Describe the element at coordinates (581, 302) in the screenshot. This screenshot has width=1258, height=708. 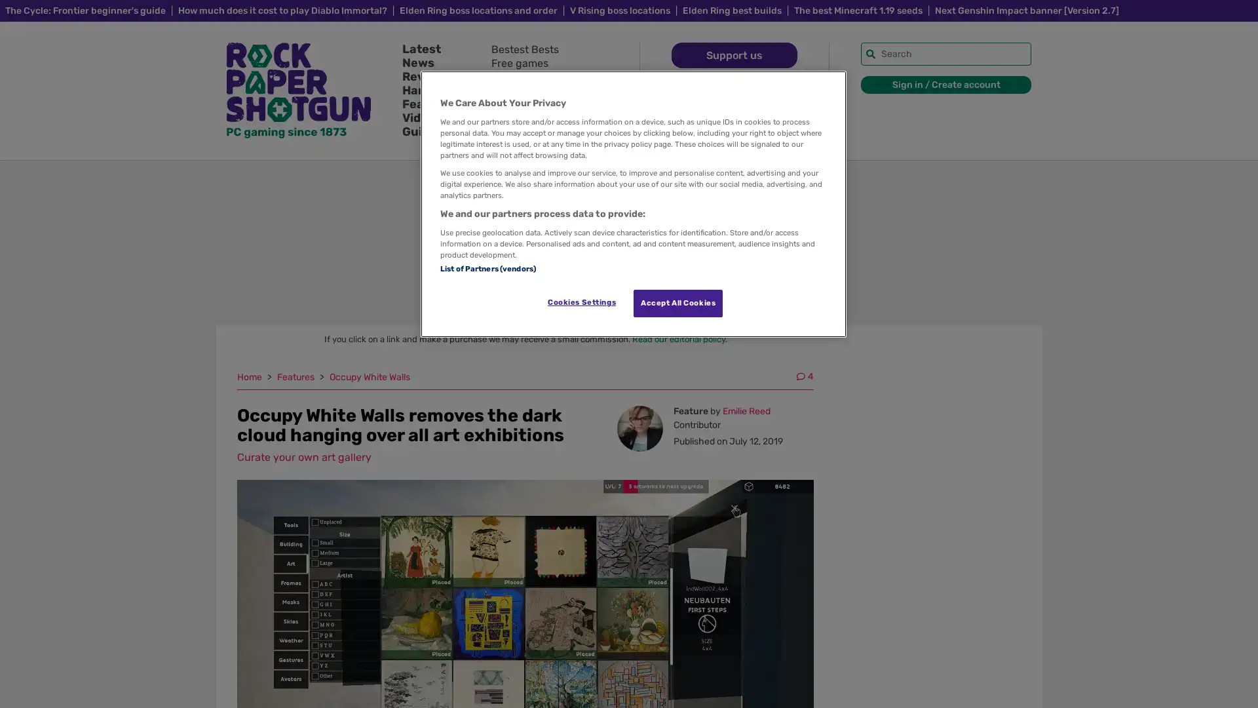
I see `Cookies Settings` at that location.